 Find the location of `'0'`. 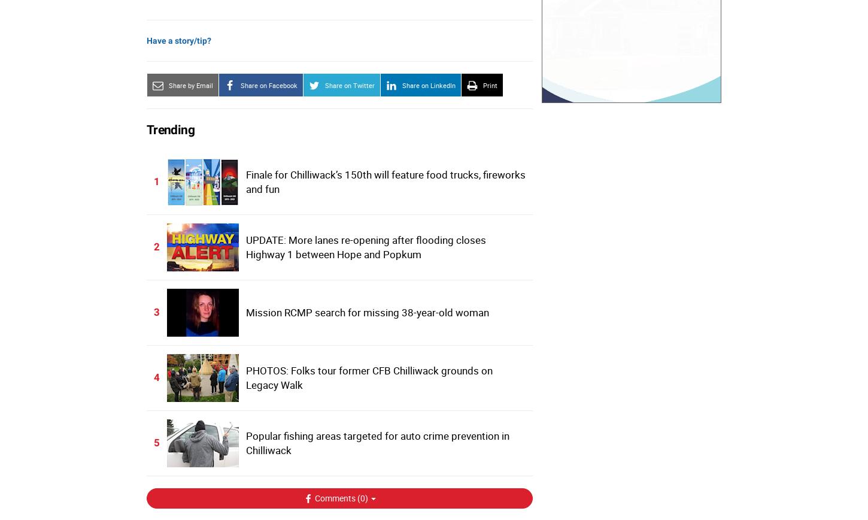

'0' is located at coordinates (360, 497).